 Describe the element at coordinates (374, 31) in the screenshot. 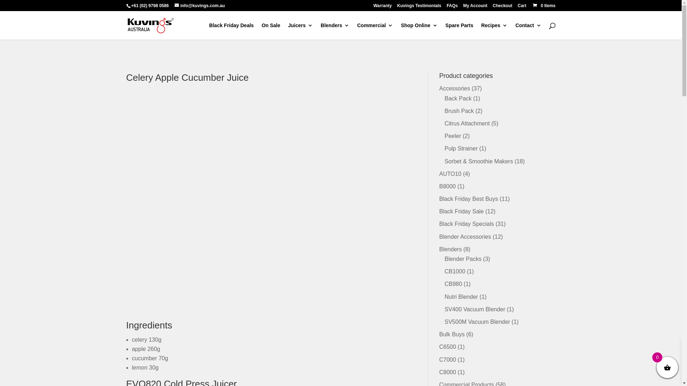

I see `'Commercial'` at that location.